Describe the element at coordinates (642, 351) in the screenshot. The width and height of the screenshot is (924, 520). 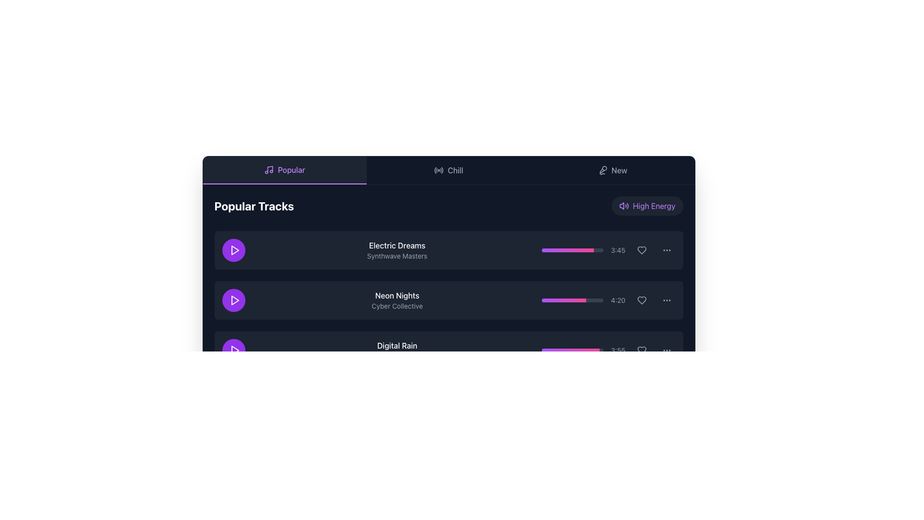
I see `the heart-shaped icon representing the 'like' action for the third track in the 'Popular Tracks' list` at that location.